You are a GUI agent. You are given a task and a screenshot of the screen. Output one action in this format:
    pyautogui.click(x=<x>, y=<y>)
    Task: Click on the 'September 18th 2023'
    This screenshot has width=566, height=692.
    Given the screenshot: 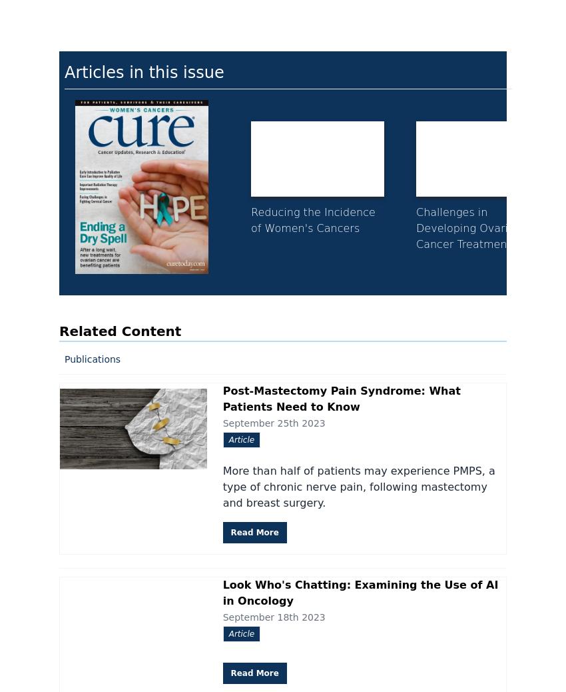 What is the action you would take?
    pyautogui.click(x=273, y=616)
    